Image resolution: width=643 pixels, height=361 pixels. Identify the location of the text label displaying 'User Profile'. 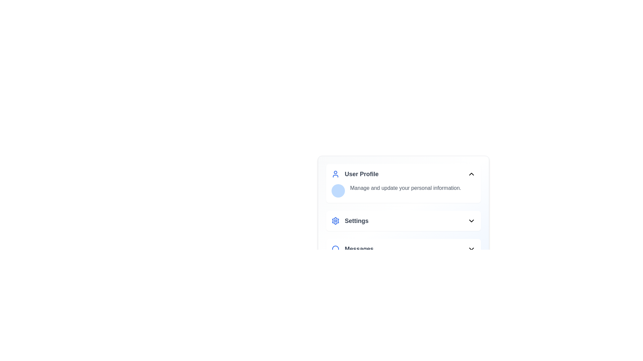
(355, 173).